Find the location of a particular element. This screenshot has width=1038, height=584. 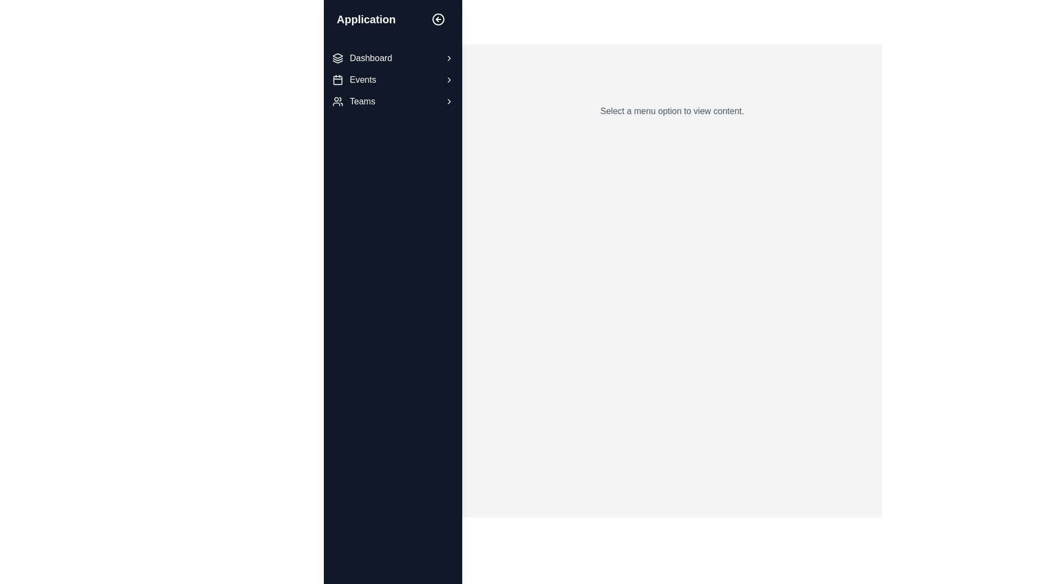

the 'Teams' menu option in the vertical navigation panel is located at coordinates (362, 102).